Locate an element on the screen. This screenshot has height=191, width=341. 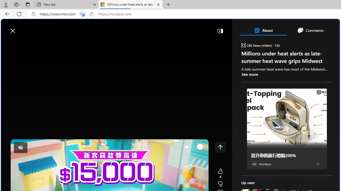
'CBS News (Video)' is located at coordinates (243, 45).